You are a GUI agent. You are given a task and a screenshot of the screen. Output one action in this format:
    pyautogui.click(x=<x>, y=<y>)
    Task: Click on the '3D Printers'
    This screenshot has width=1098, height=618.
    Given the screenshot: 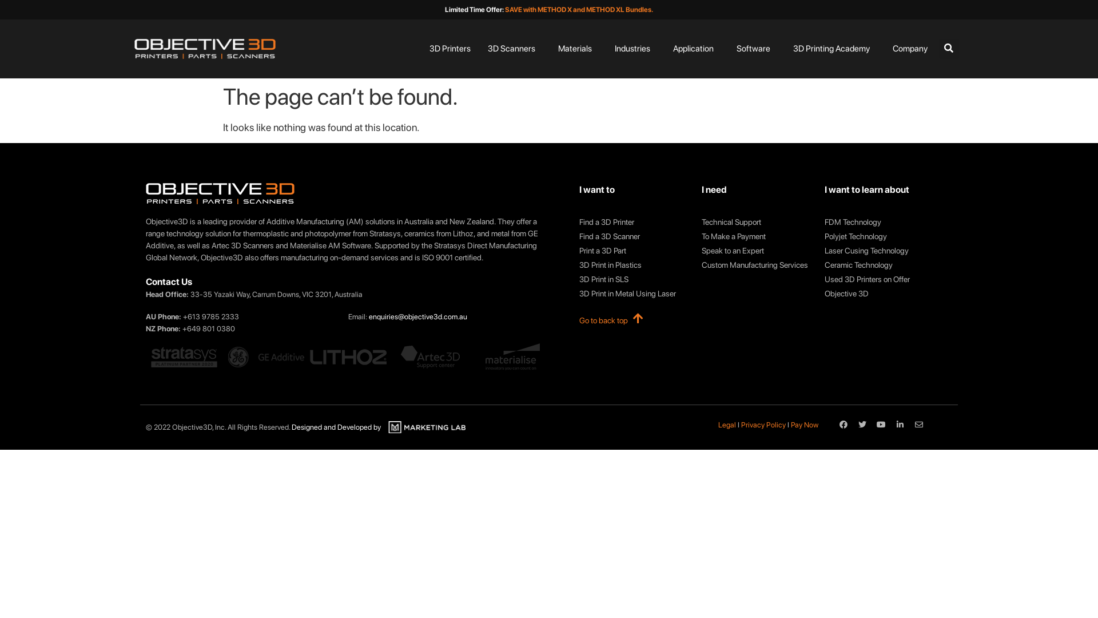 What is the action you would take?
    pyautogui.click(x=449, y=48)
    